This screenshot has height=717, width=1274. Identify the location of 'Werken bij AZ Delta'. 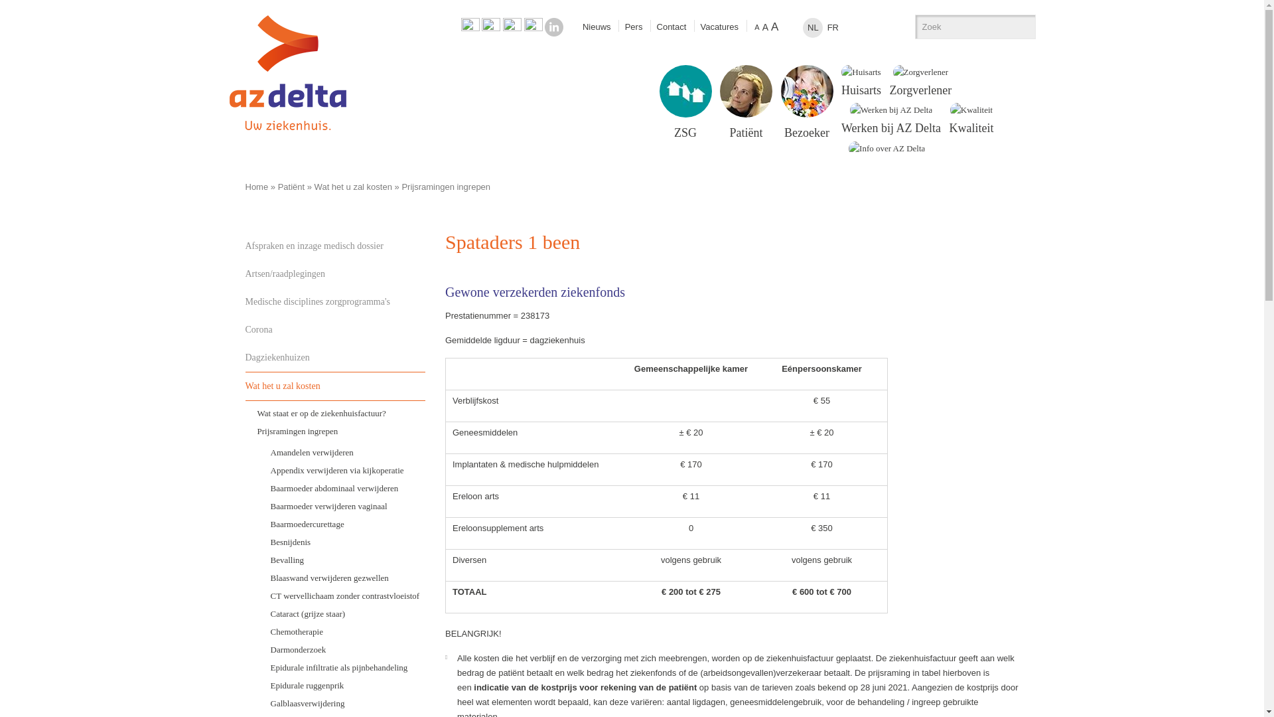
(891, 118).